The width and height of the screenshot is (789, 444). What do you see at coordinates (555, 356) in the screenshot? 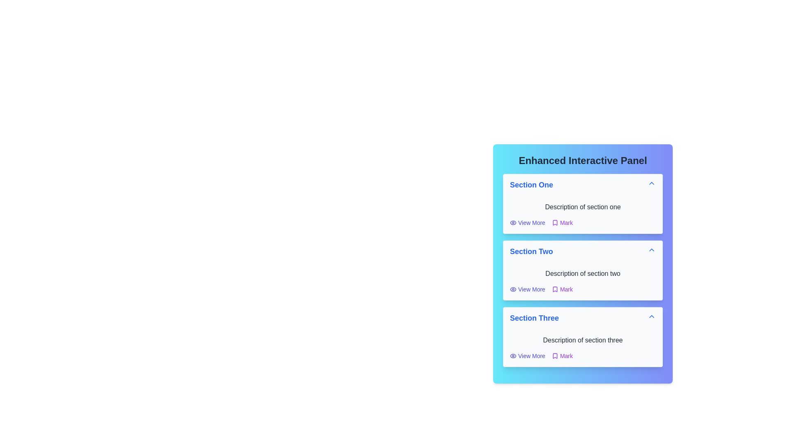
I see `the bookmark icon located to the left of the 'Mark' text in the 'Section Three' panel` at bounding box center [555, 356].